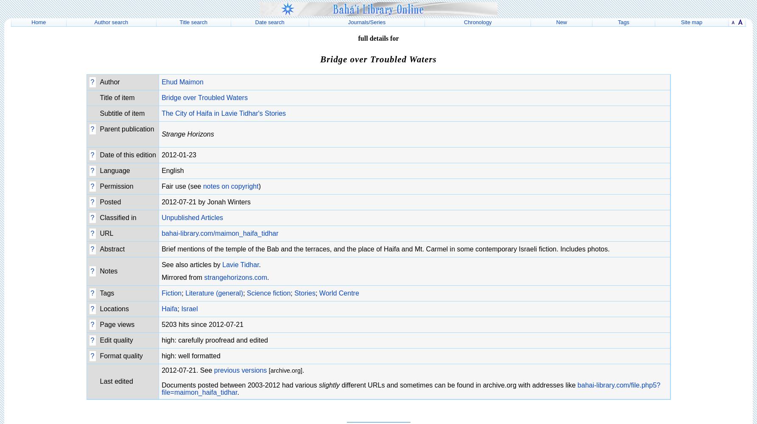 The image size is (757, 424). What do you see at coordinates (115, 170) in the screenshot?
I see `'Language'` at bounding box center [115, 170].